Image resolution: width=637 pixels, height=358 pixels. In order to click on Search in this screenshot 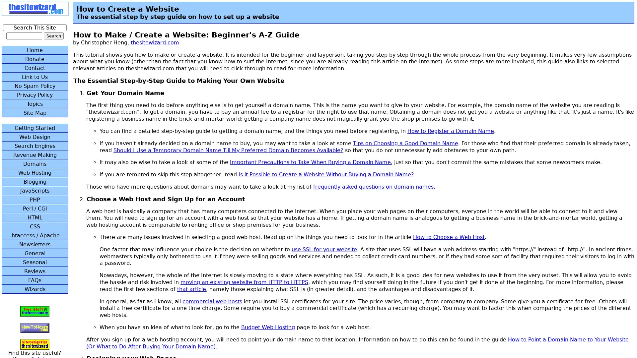, I will do `click(53, 36)`.